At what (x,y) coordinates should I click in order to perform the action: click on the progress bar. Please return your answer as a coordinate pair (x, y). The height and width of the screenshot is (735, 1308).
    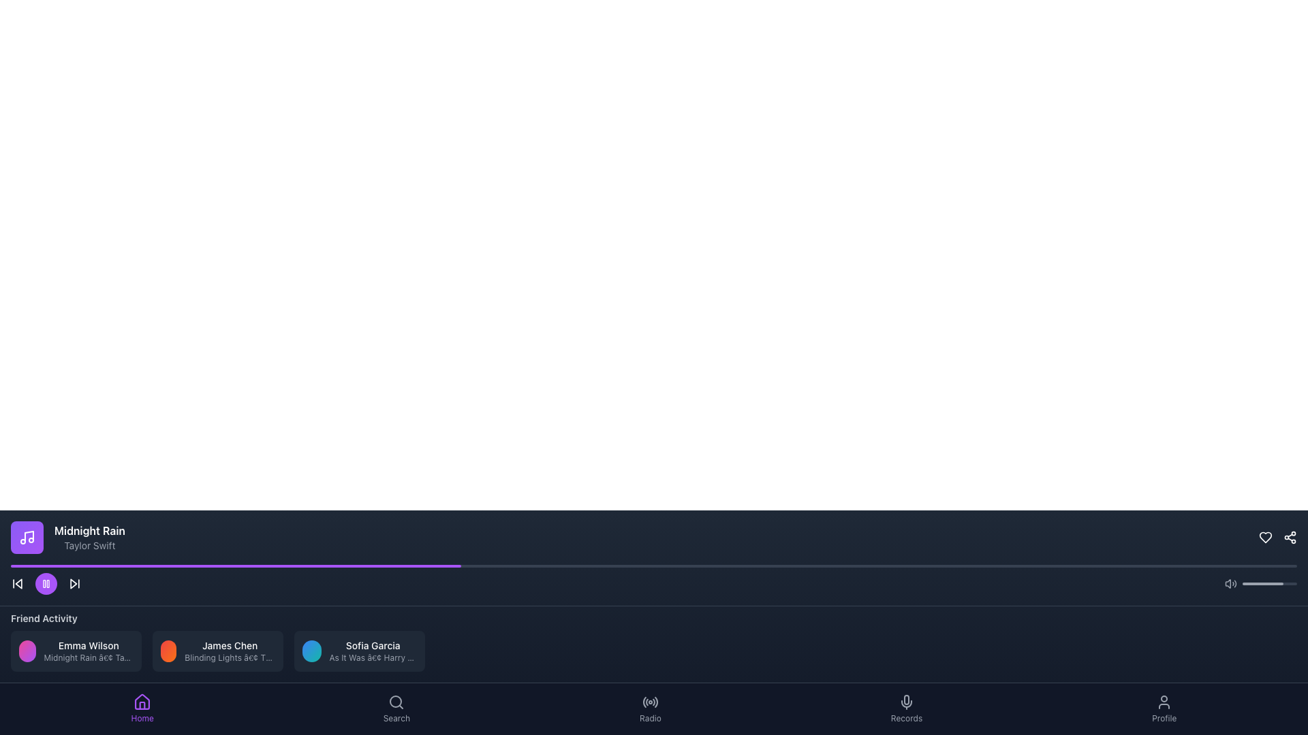
    Looking at the image, I should click on (33, 566).